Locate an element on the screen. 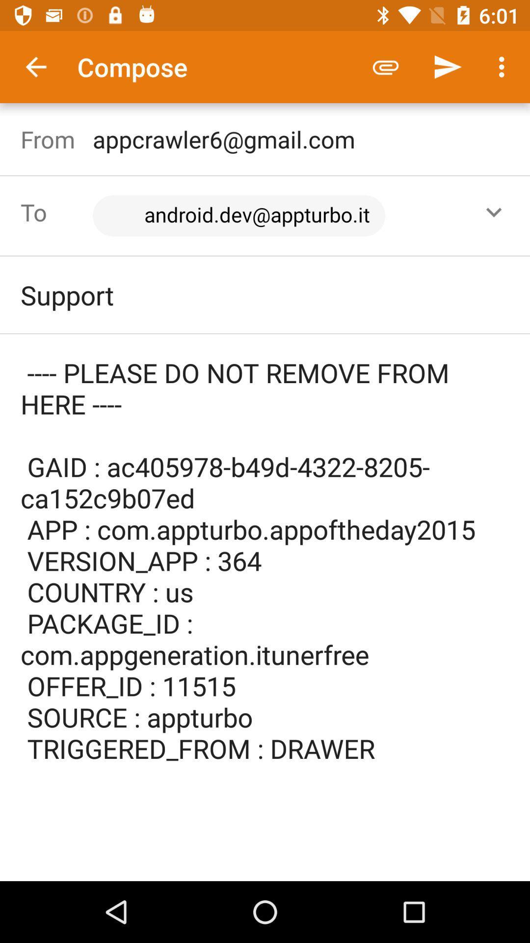 The width and height of the screenshot is (530, 943). the expand_more icon is located at coordinates (494, 212).